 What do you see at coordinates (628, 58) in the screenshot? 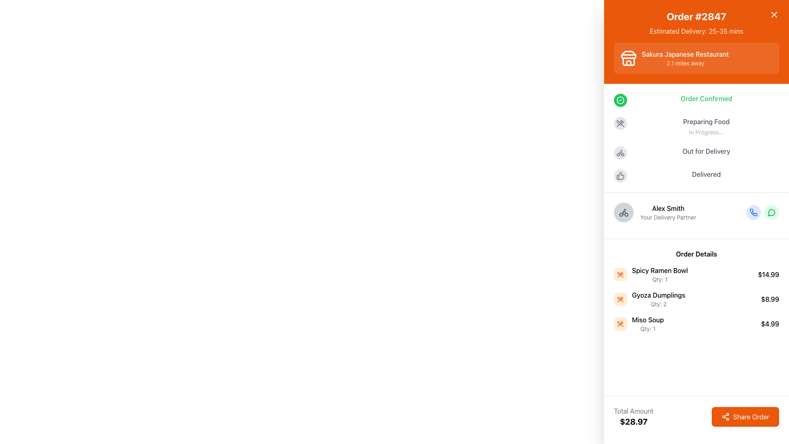
I see `orange-colored store icon located at the top of the sidebar, which is adjacent to the text block for 'Sakura Japanese Restaurant 2.1 miles away.'` at bounding box center [628, 58].